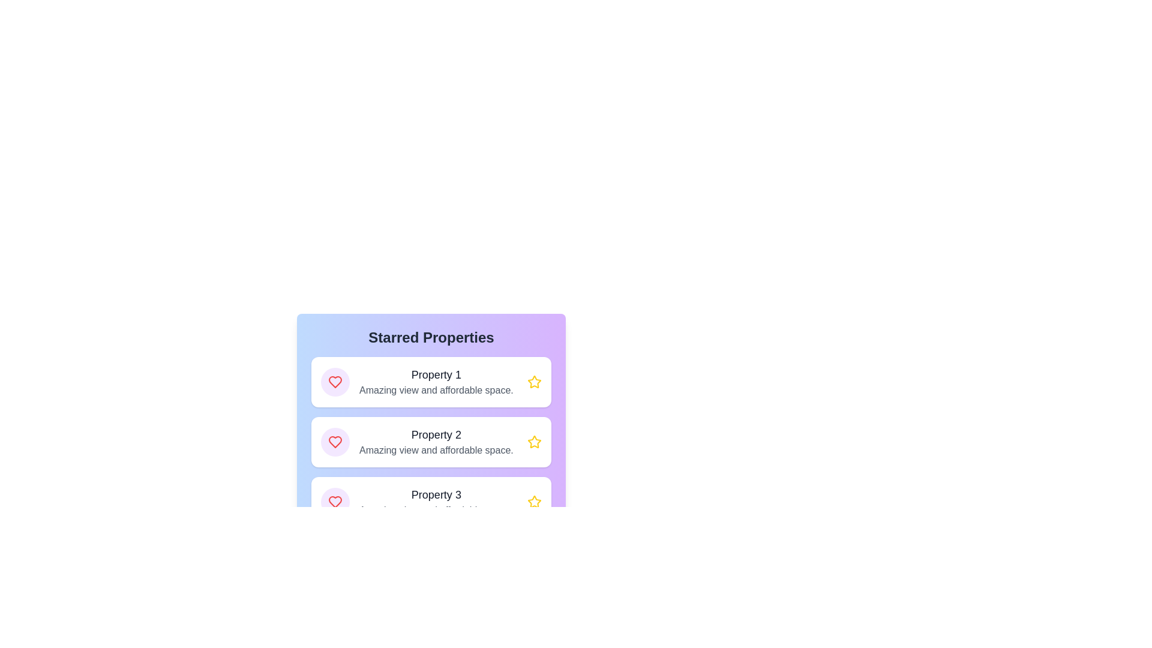  What do you see at coordinates (436, 502) in the screenshot?
I see `text displayed in the Information Display card labeled 'Property 3', which includes 'Amazing view and affordable space.'` at bounding box center [436, 502].